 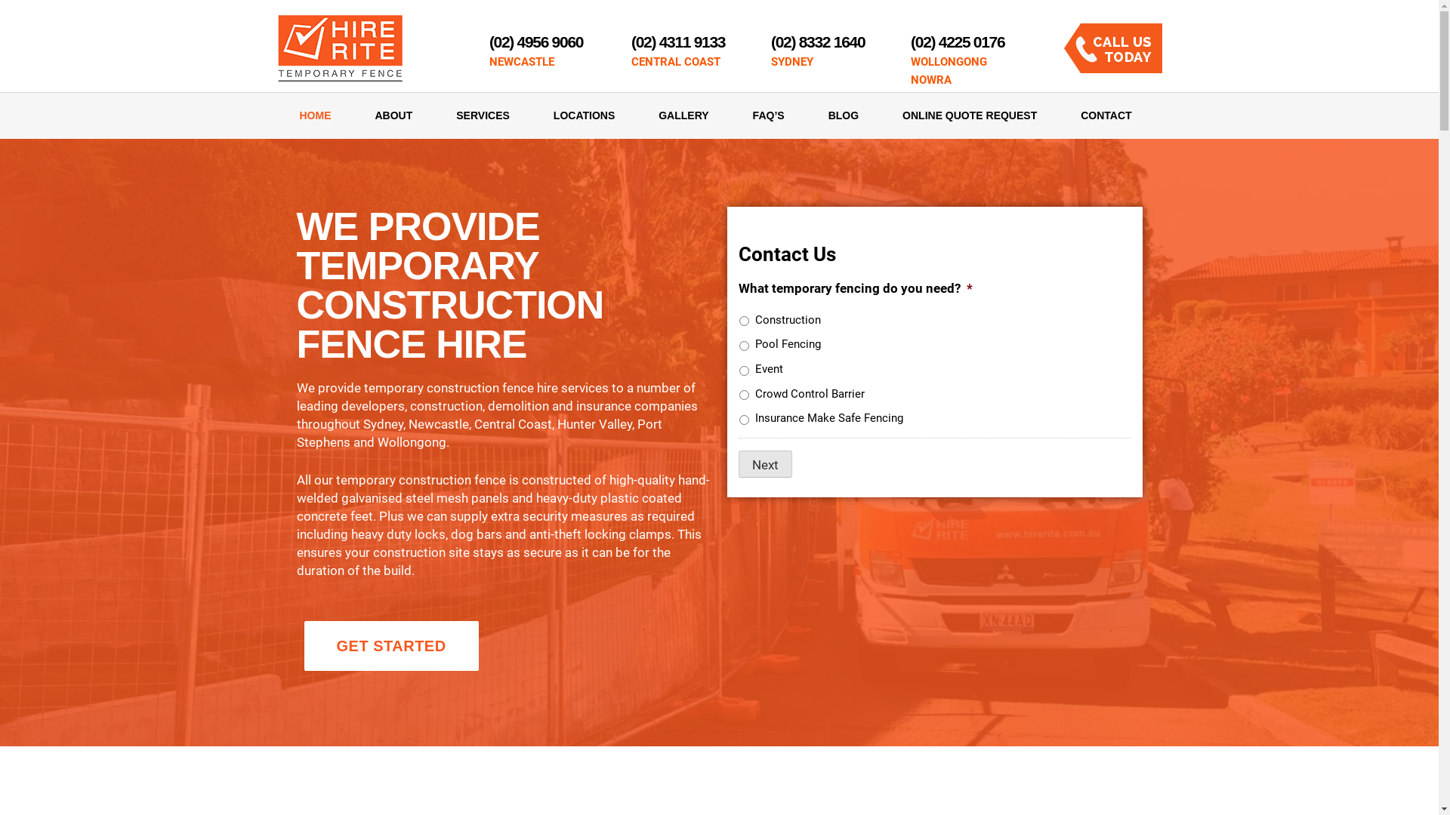 I want to click on 'SERVICES', so click(x=433, y=115).